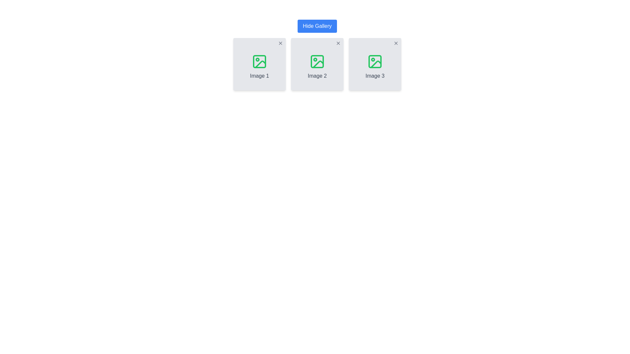 This screenshot has width=630, height=354. Describe the element at coordinates (259, 75) in the screenshot. I see `the descriptive label positioned at the bottom center of the first card in a horizontally arranged trio of cards` at that location.